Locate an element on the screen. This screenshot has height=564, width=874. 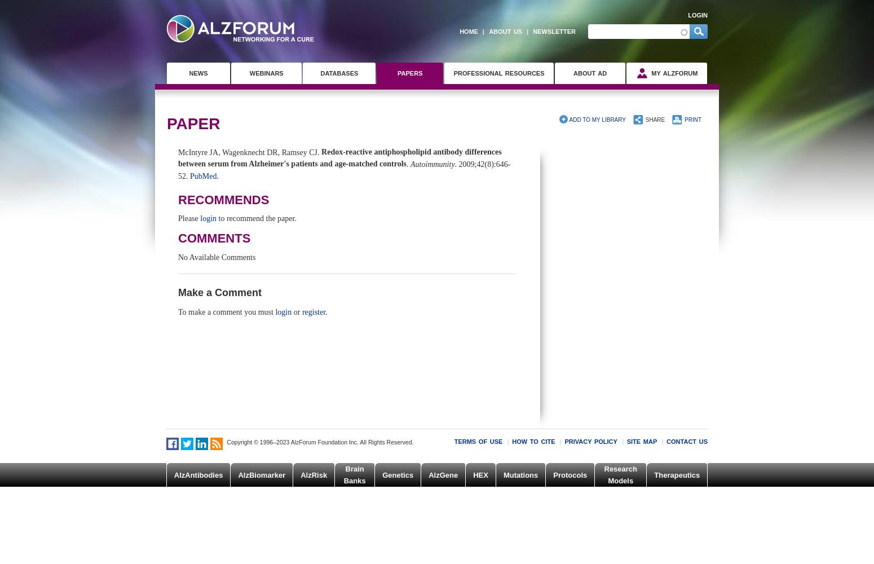
'AlzGene' is located at coordinates (443, 474).